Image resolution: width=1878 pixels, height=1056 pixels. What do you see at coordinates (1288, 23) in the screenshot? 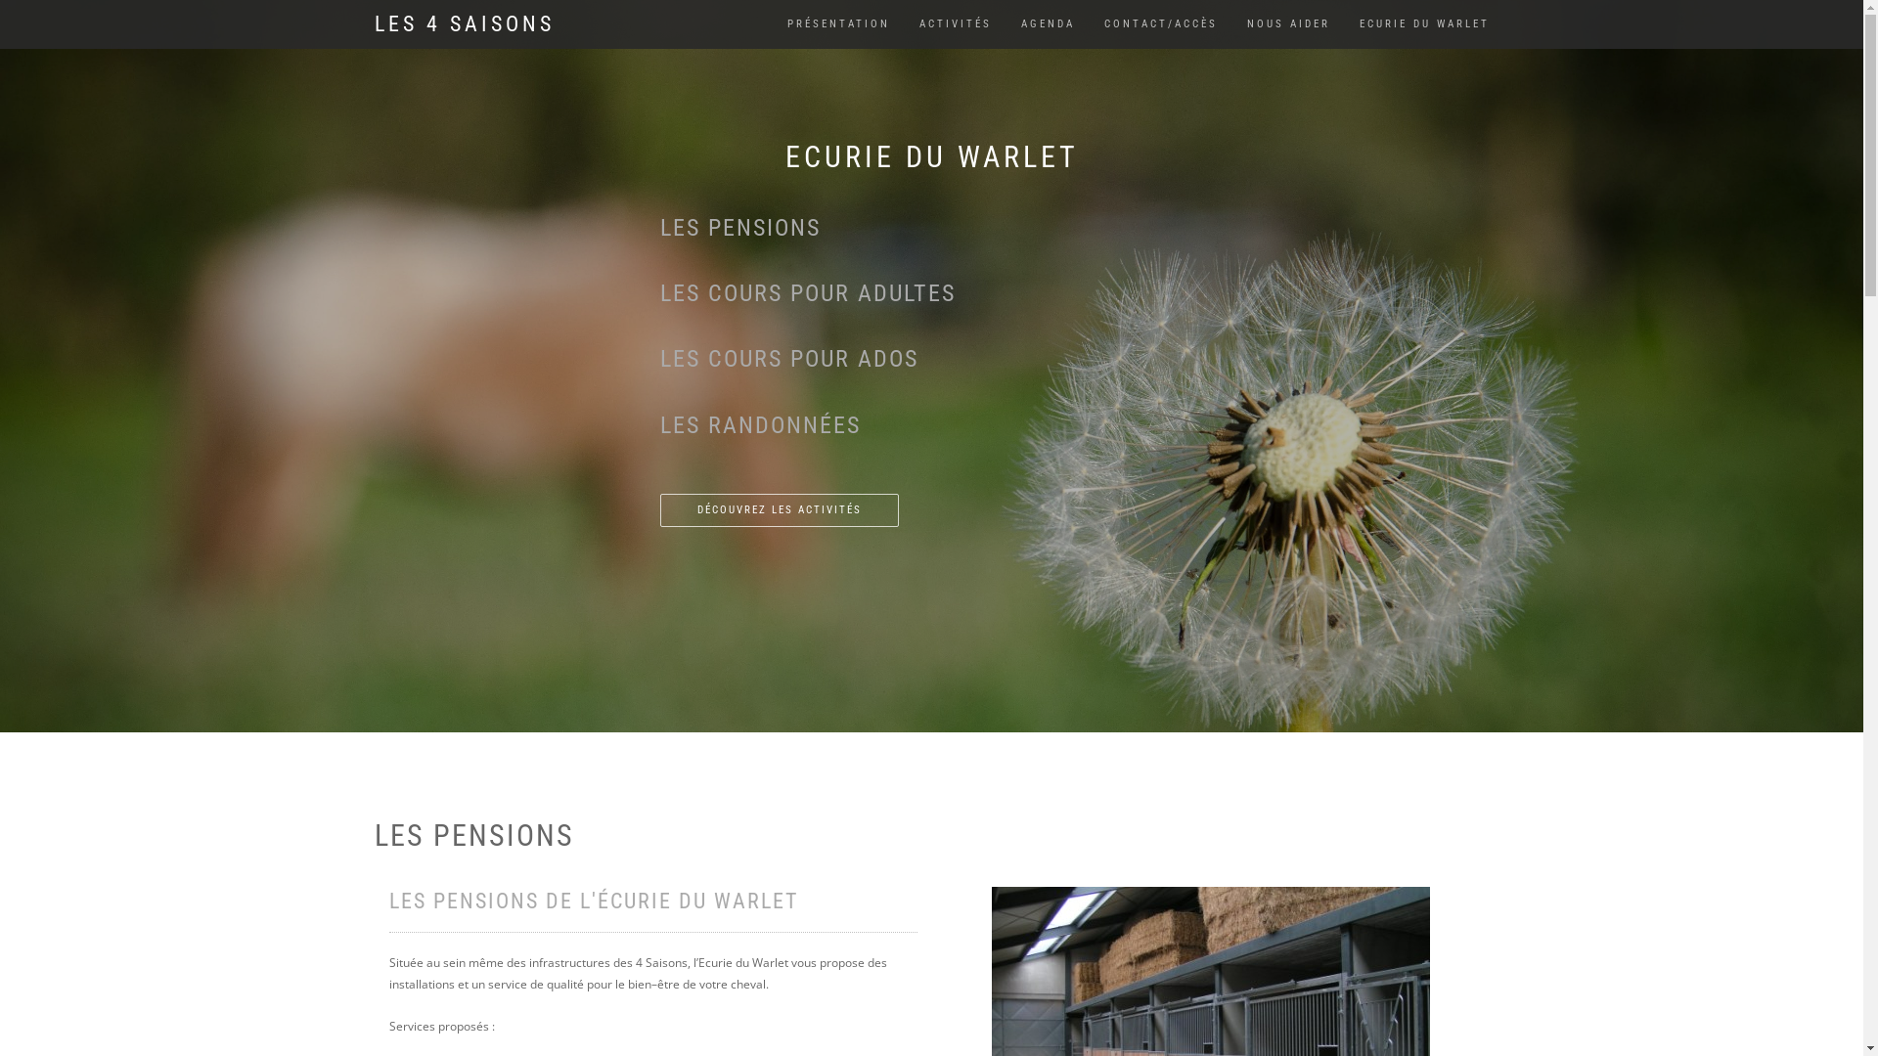
I see `'NOUS AIDER'` at bounding box center [1288, 23].